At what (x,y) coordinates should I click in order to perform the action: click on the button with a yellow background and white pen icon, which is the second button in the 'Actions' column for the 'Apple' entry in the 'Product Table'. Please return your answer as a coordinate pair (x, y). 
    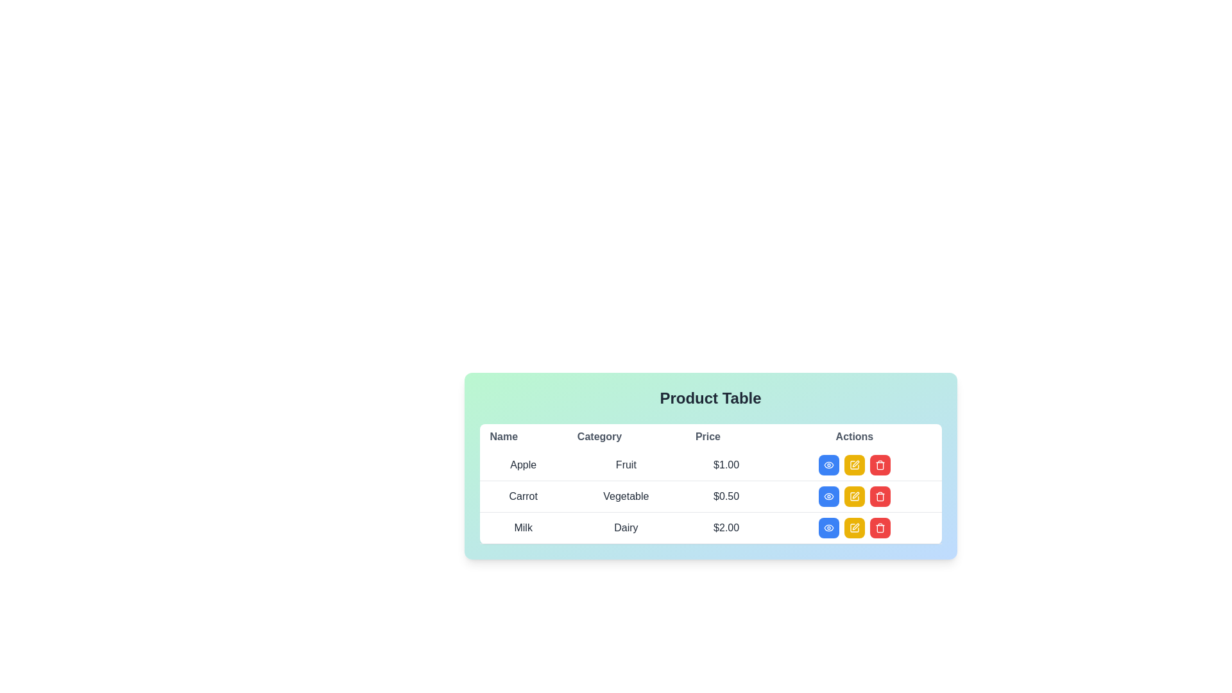
    Looking at the image, I should click on (854, 465).